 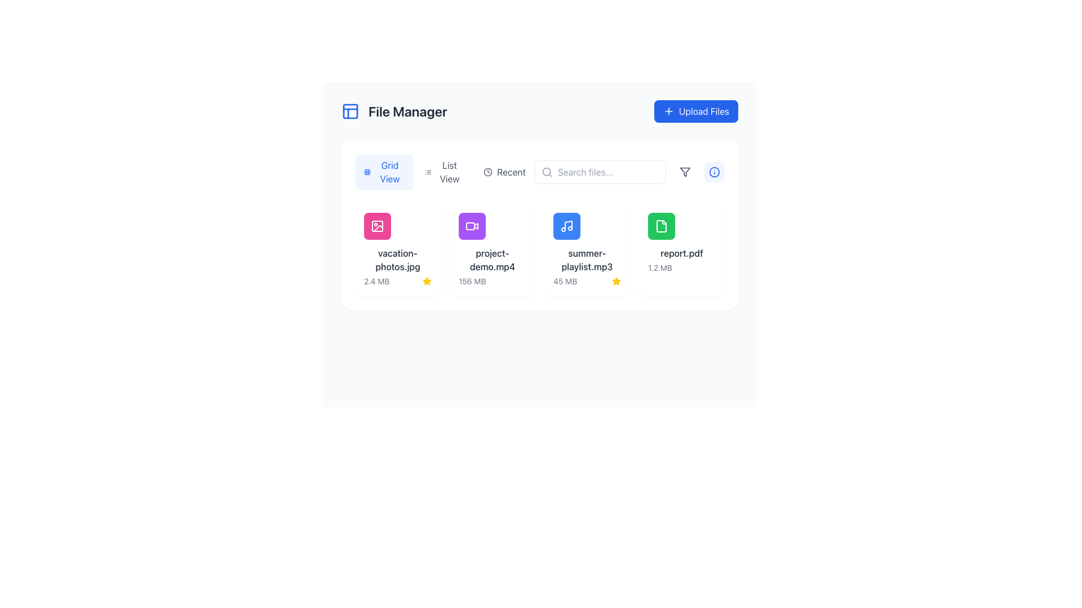 I want to click on the circular information icon with a blue outline located near the top-right corner of the interface, adjacent to the filter button and aligned with the search bar, so click(x=713, y=172).